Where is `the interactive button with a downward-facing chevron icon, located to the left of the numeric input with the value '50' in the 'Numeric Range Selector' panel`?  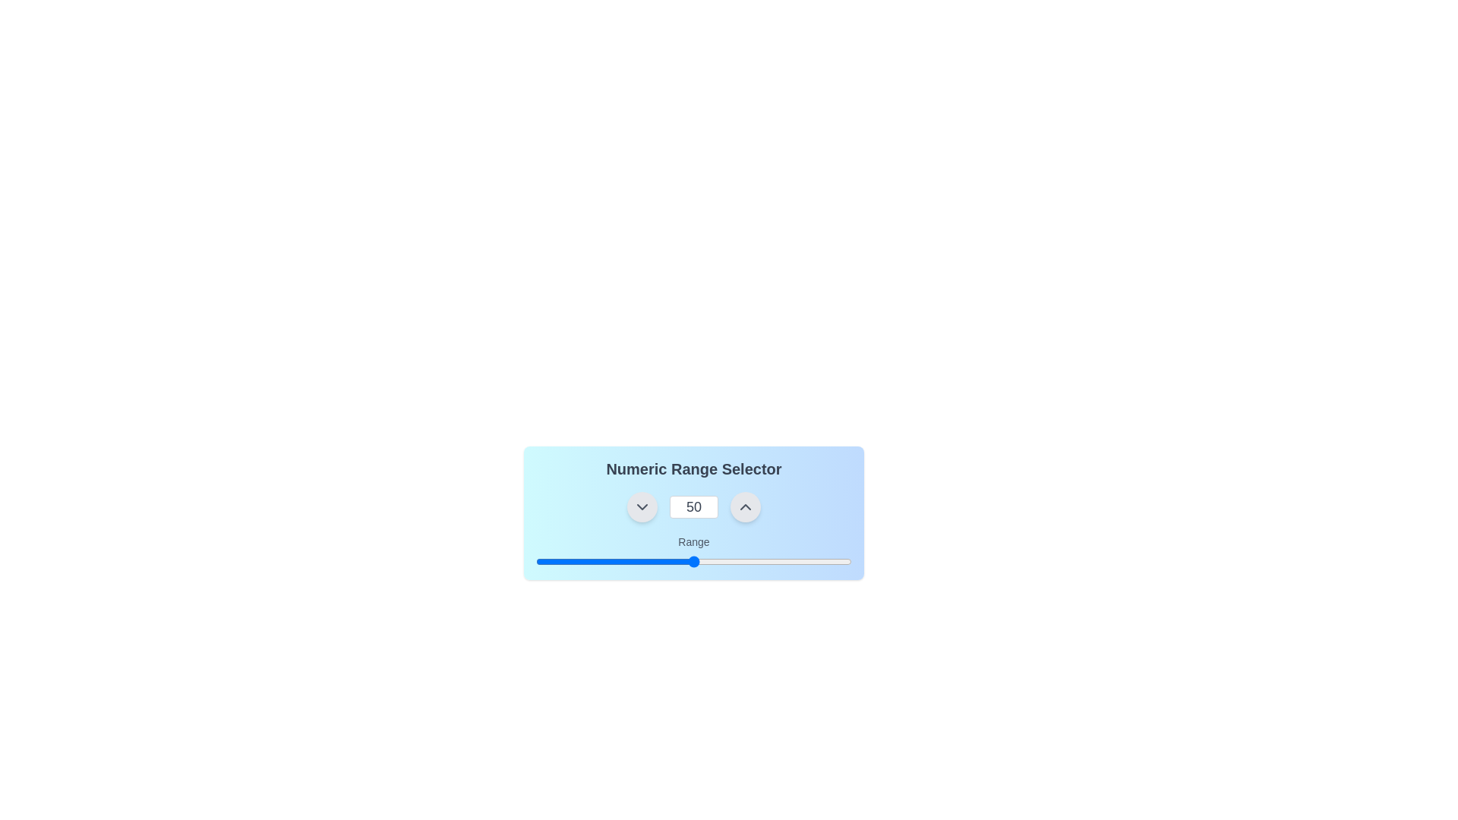 the interactive button with a downward-facing chevron icon, located to the left of the numeric input with the value '50' in the 'Numeric Range Selector' panel is located at coordinates (642, 506).